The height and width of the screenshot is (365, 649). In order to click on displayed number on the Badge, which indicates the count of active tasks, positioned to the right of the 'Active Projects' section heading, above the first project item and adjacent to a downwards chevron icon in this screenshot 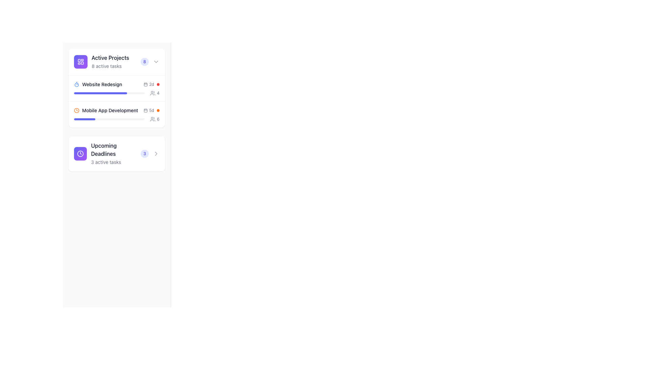, I will do `click(144, 62)`.